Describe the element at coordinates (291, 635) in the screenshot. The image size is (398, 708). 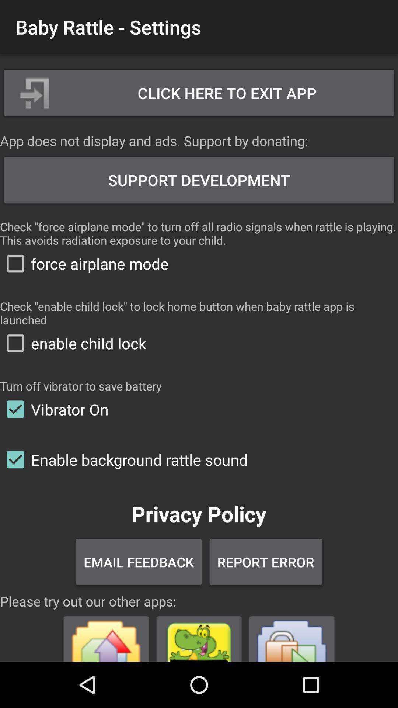
I see `visit a sponsored app` at that location.